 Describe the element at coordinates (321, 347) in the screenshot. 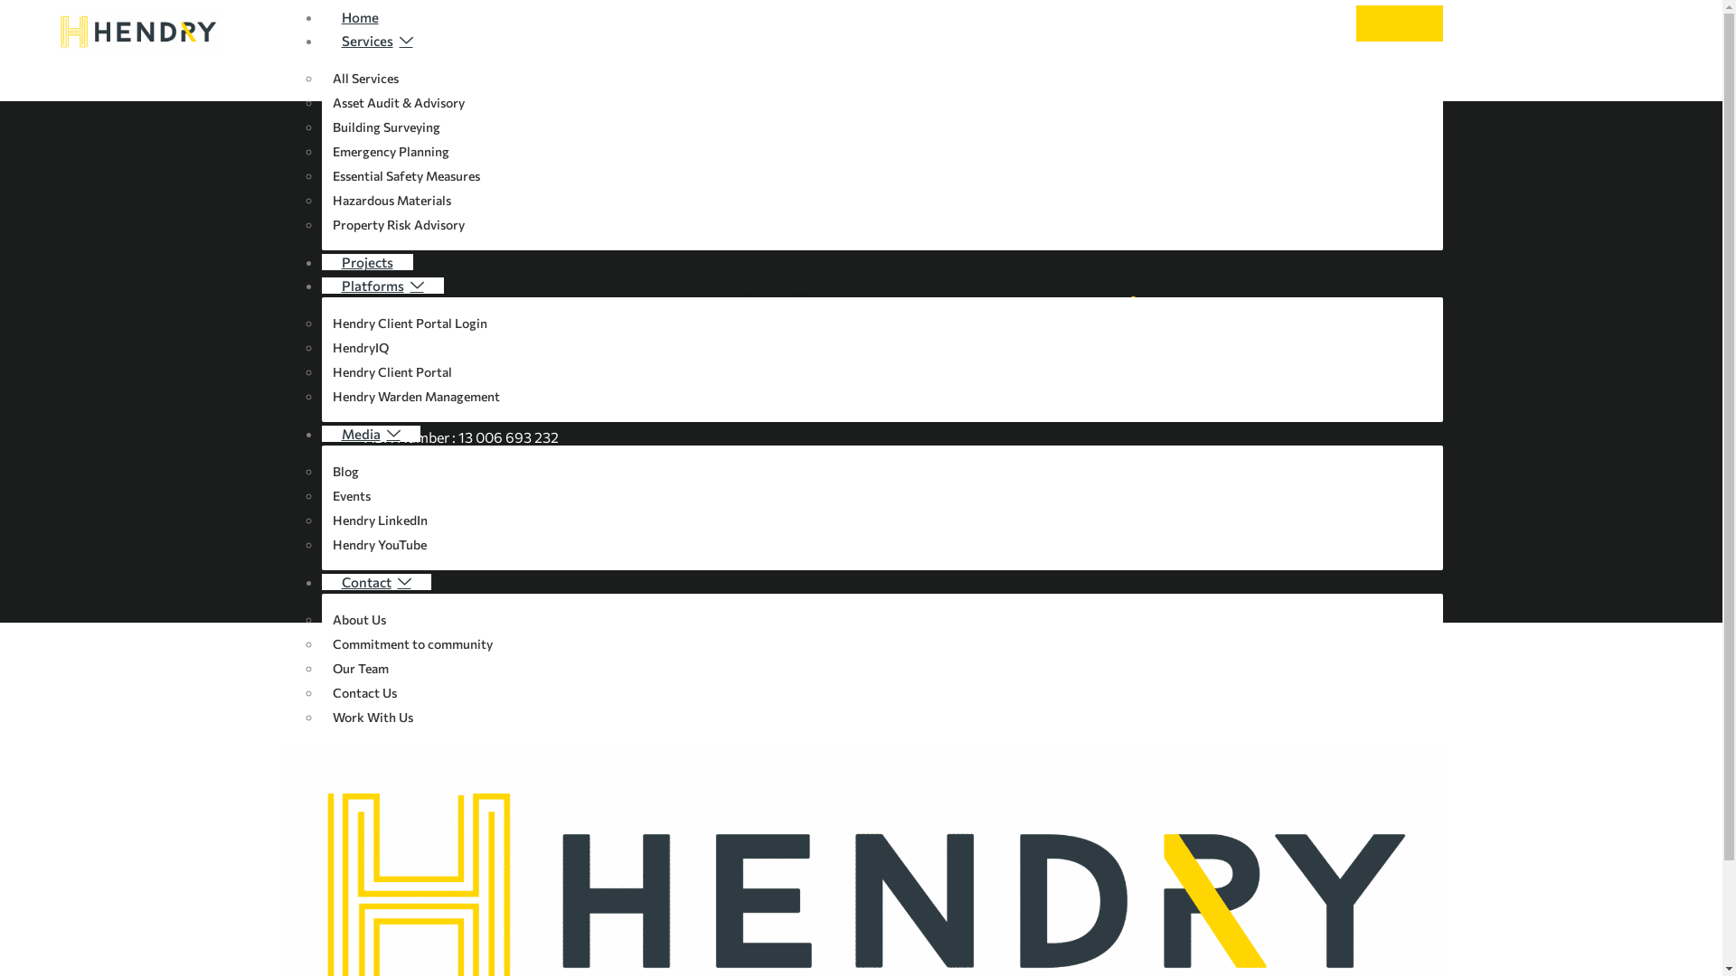

I see `'HendryIQ'` at that location.